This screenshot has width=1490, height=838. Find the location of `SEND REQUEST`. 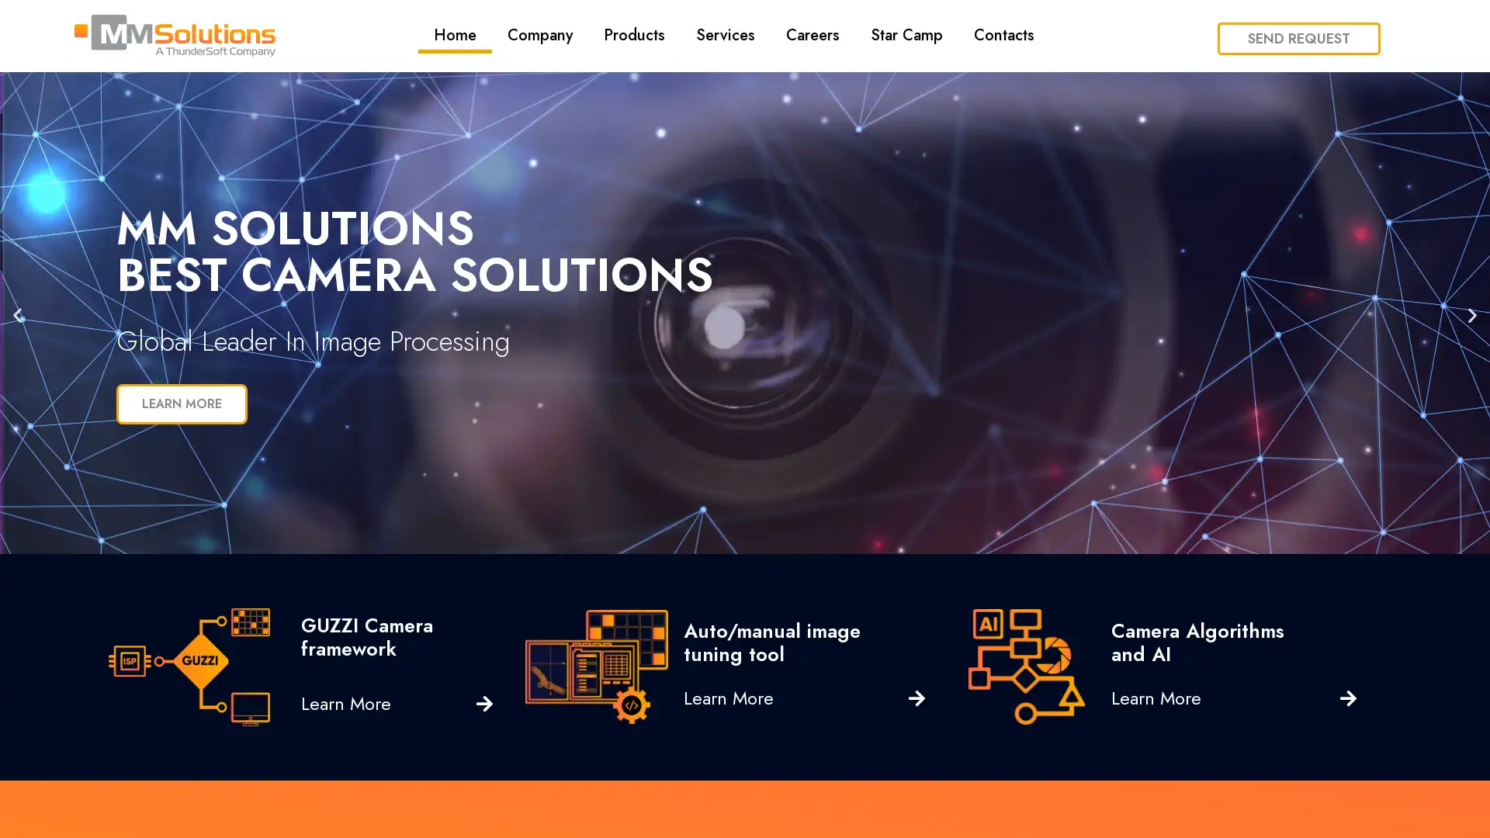

SEND REQUEST is located at coordinates (1299, 37).